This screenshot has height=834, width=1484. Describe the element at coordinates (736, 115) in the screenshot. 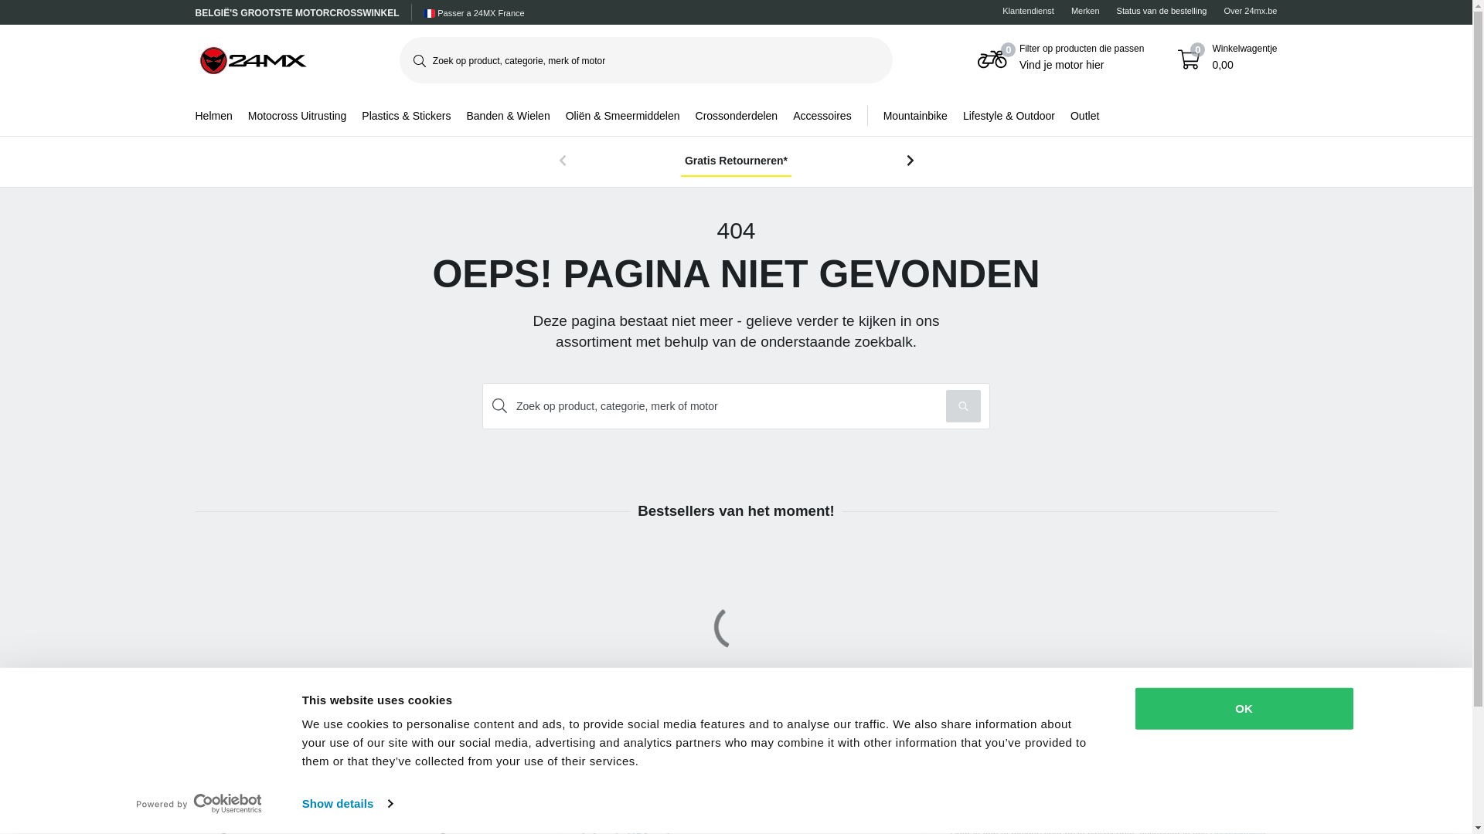

I see `'Crossonderdelen'` at that location.